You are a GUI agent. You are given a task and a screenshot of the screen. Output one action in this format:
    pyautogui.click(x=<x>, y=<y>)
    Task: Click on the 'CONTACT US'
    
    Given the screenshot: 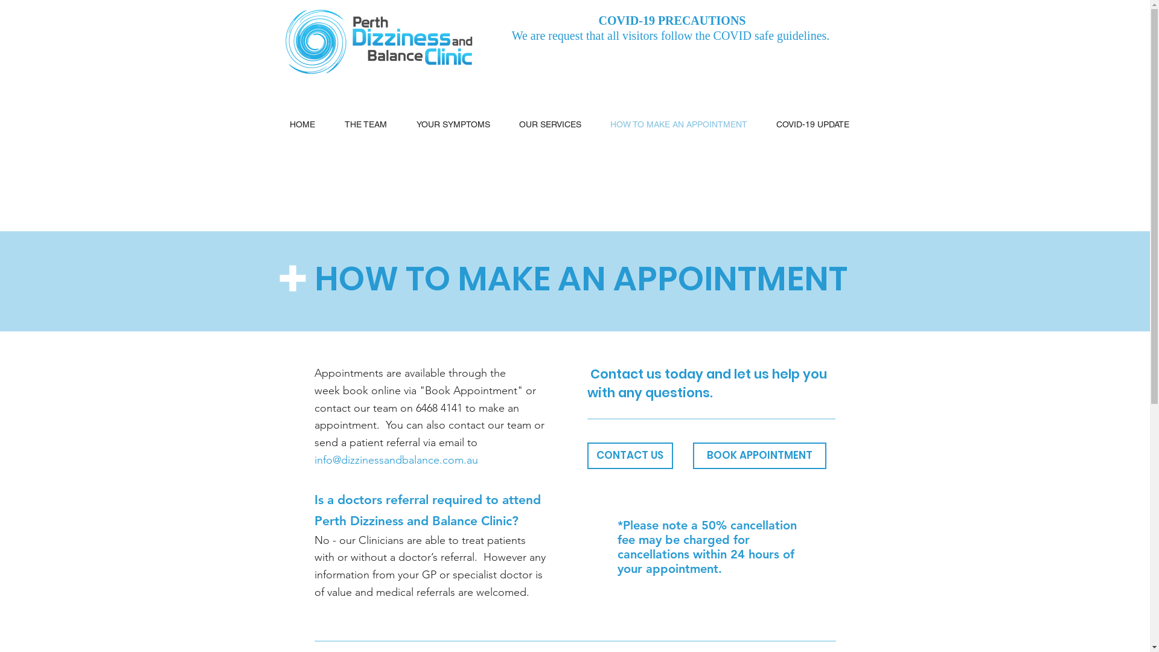 What is the action you would take?
    pyautogui.click(x=628, y=456)
    